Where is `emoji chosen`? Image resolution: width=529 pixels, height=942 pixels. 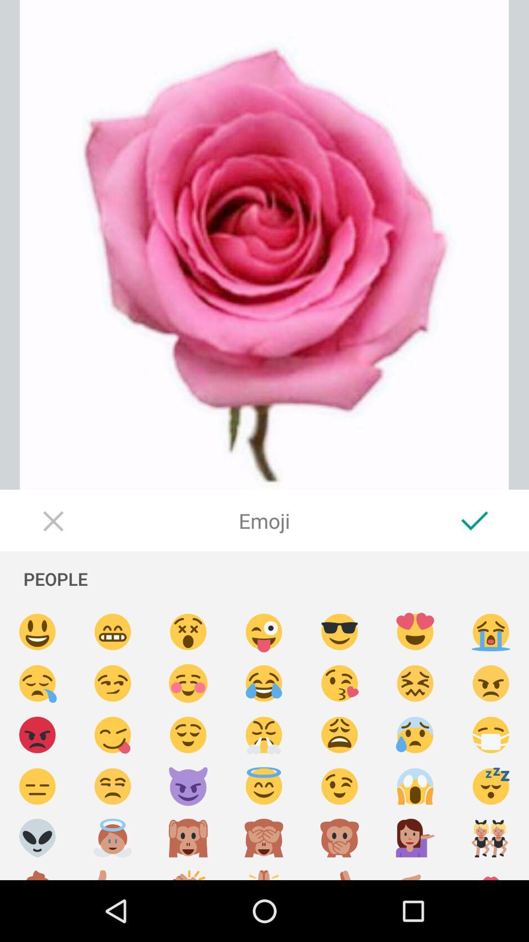
emoji chosen is located at coordinates (264, 786).